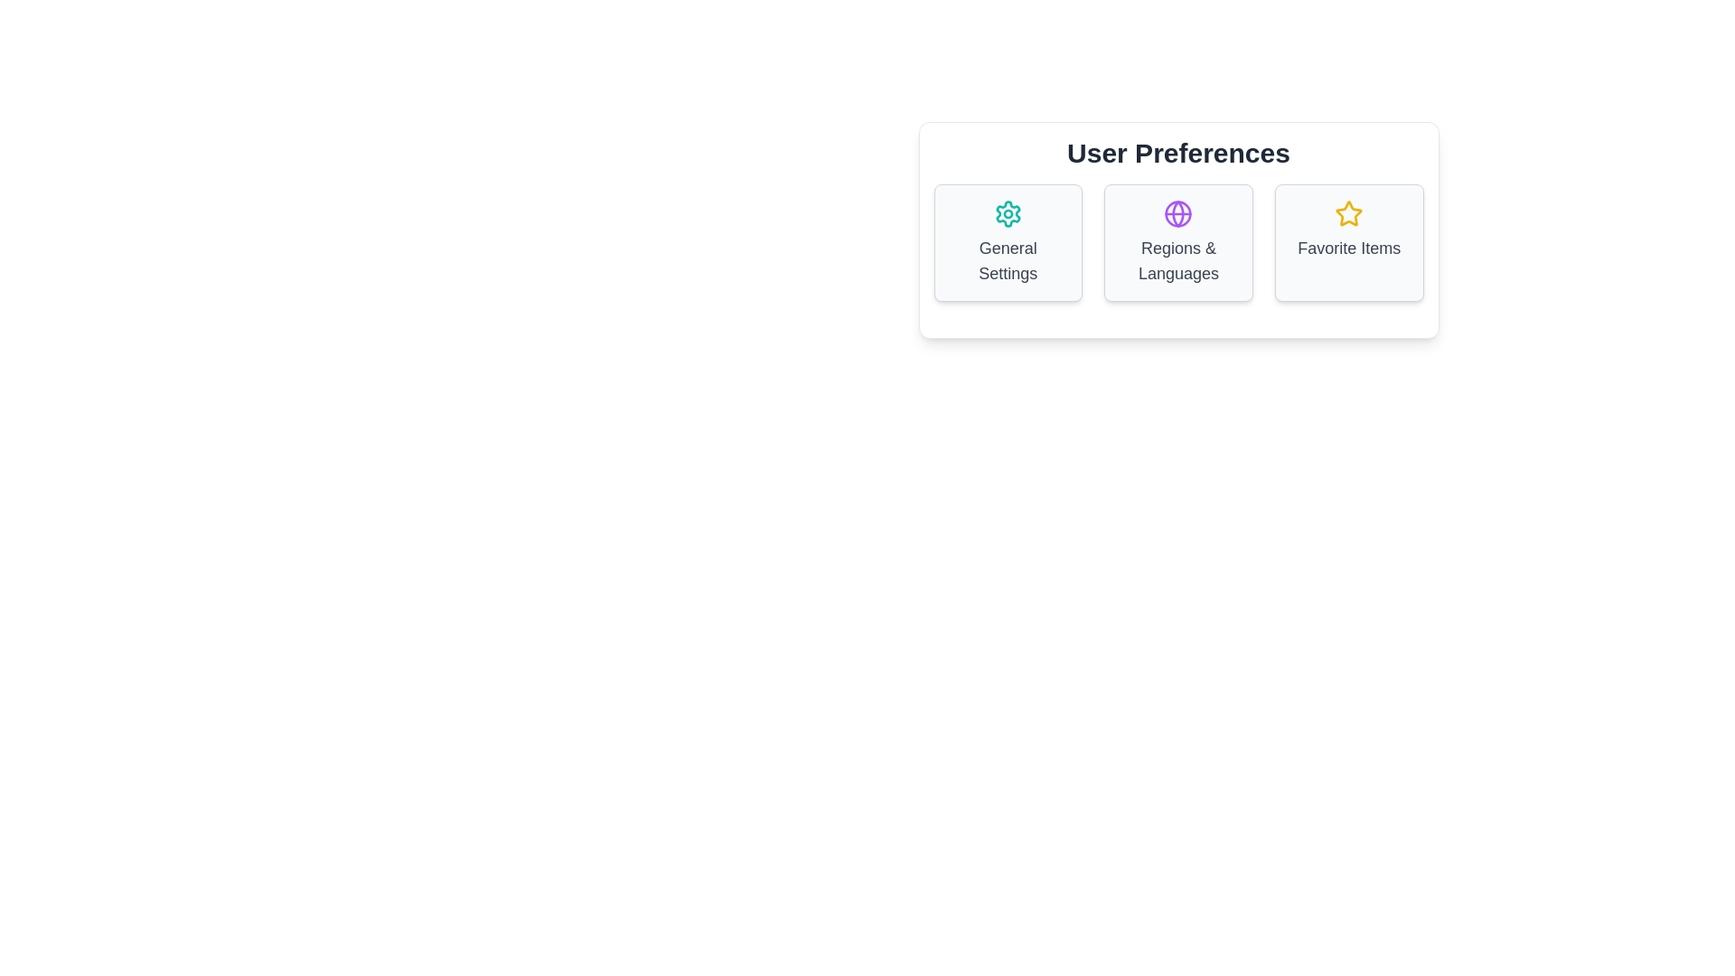 Image resolution: width=1735 pixels, height=976 pixels. Describe the element at coordinates (1178, 242) in the screenshot. I see `the button labeled 'Regions & Languages' to observe its hover effect` at that location.